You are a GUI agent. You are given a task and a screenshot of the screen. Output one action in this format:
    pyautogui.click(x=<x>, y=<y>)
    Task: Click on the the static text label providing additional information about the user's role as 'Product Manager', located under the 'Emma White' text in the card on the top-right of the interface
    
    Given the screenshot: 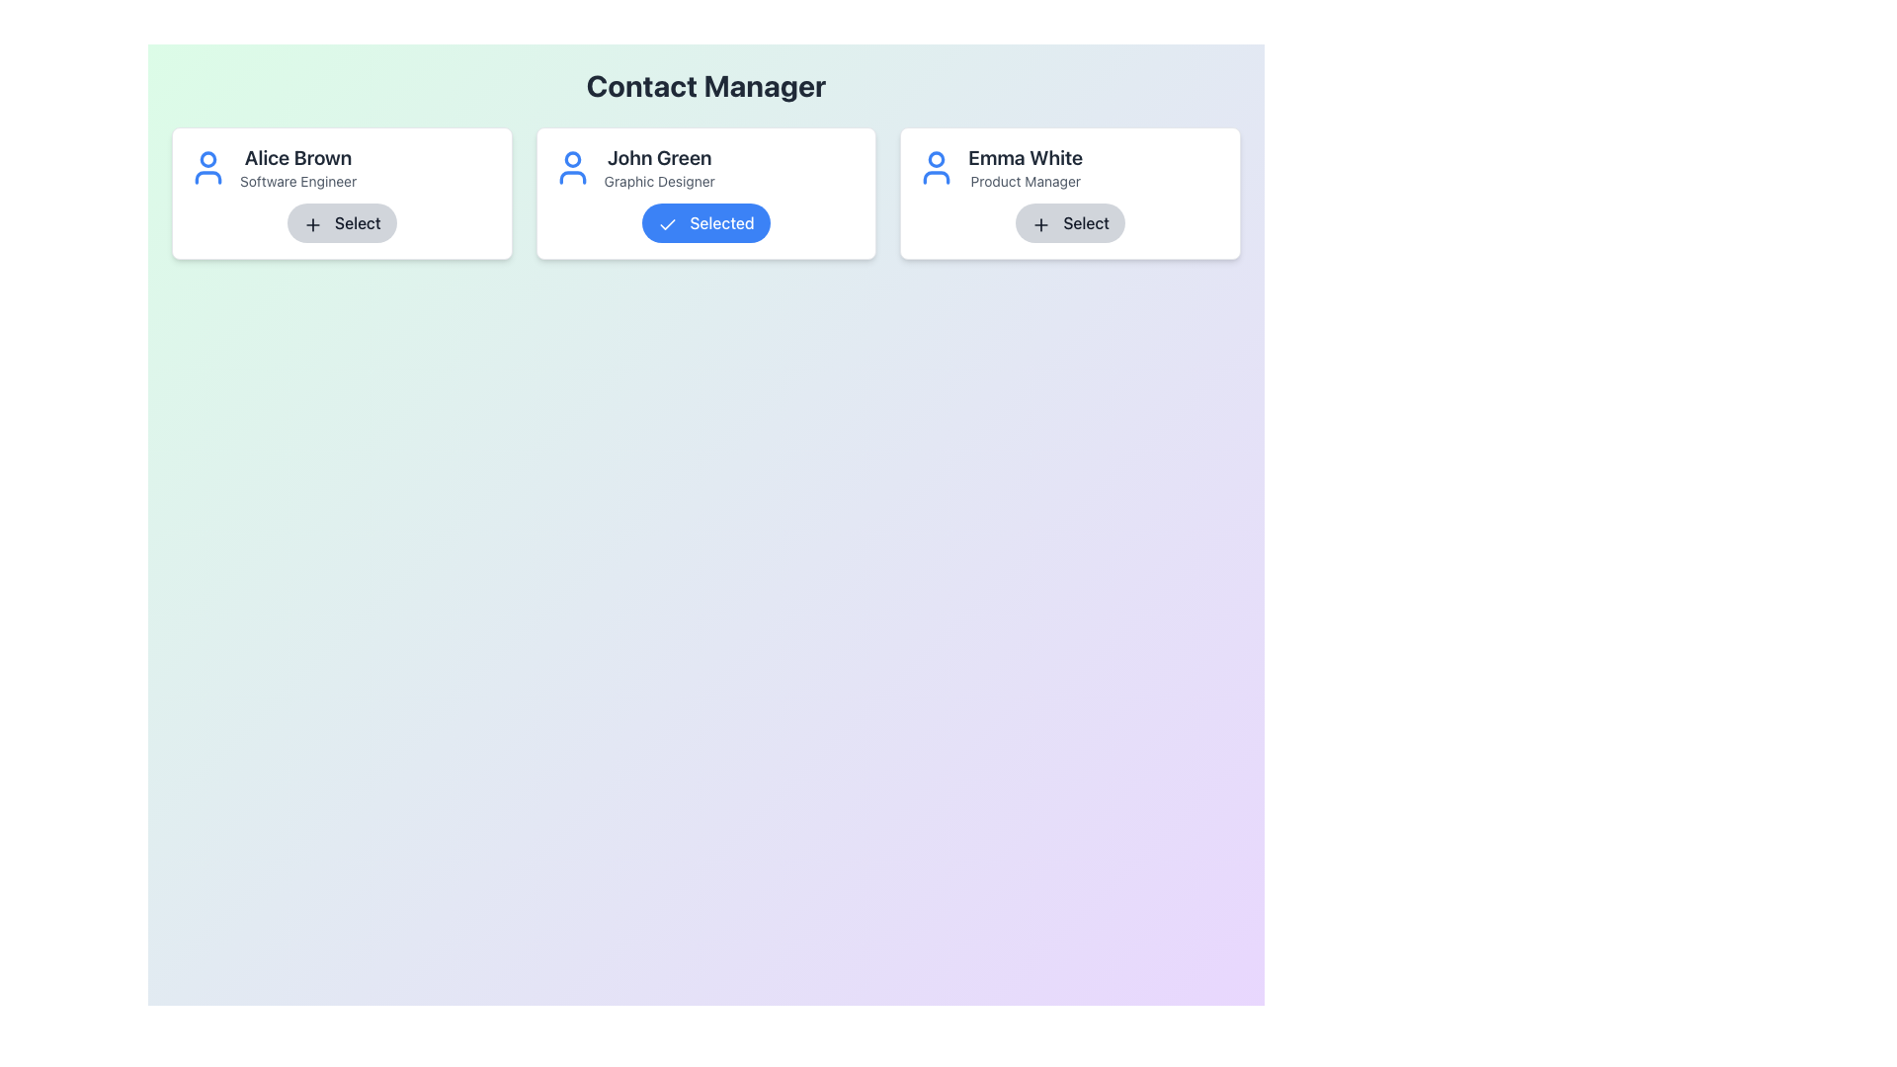 What is the action you would take?
    pyautogui.click(x=1026, y=182)
    